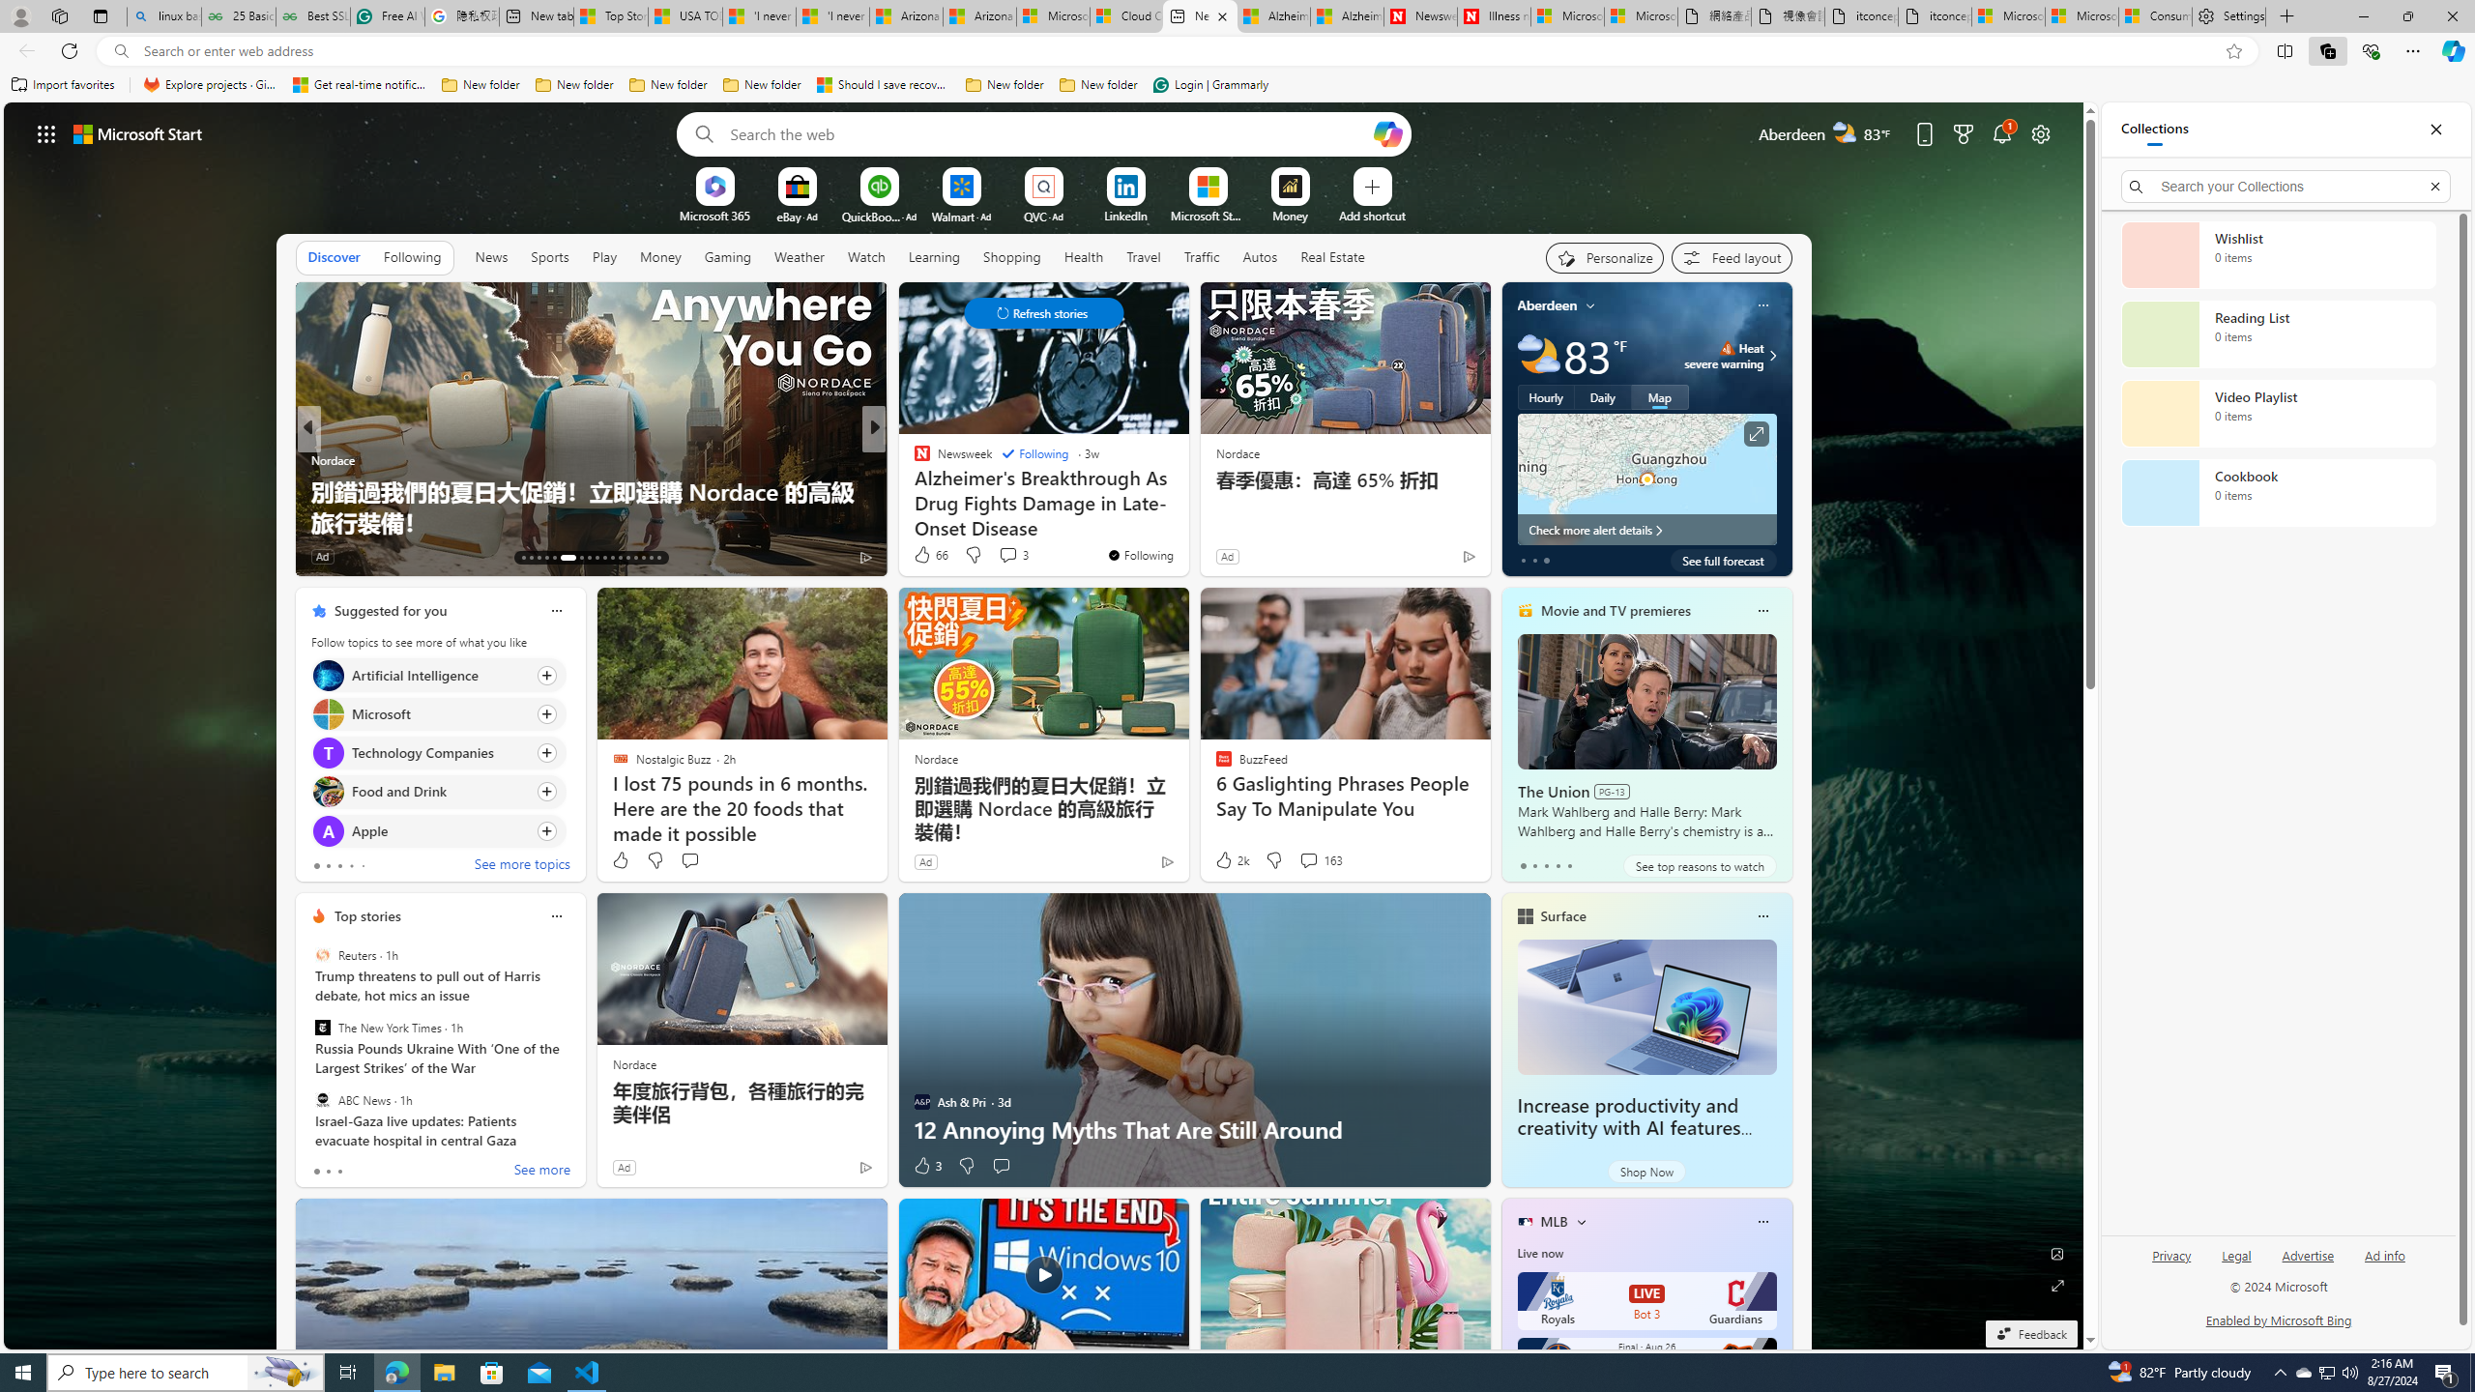 Image resolution: width=2475 pixels, height=1392 pixels. What do you see at coordinates (1018, 556) in the screenshot?
I see `'View comments 115 Comment'` at bounding box center [1018, 556].